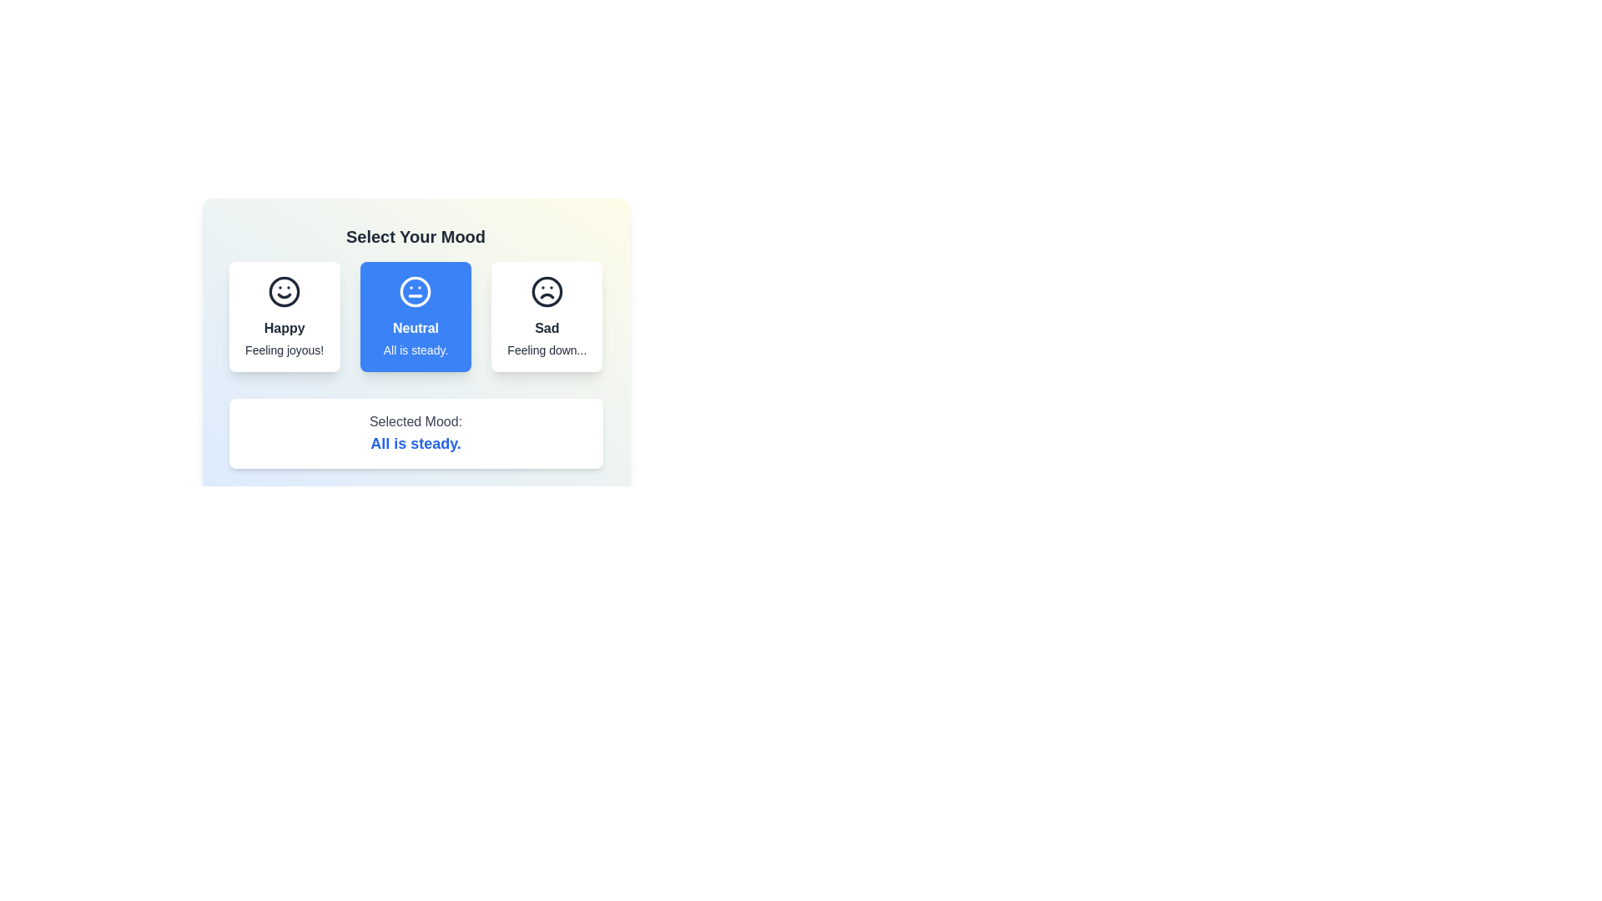 Image resolution: width=1602 pixels, height=901 pixels. What do you see at coordinates (547, 317) in the screenshot?
I see `the mood button corresponding to sad` at bounding box center [547, 317].